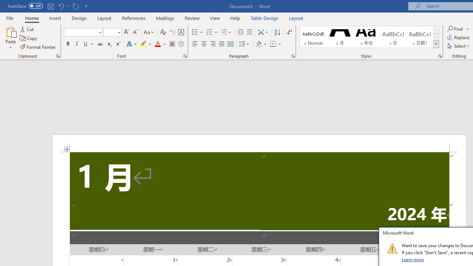  What do you see at coordinates (195, 44) in the screenshot?
I see `'Align Left'` at bounding box center [195, 44].